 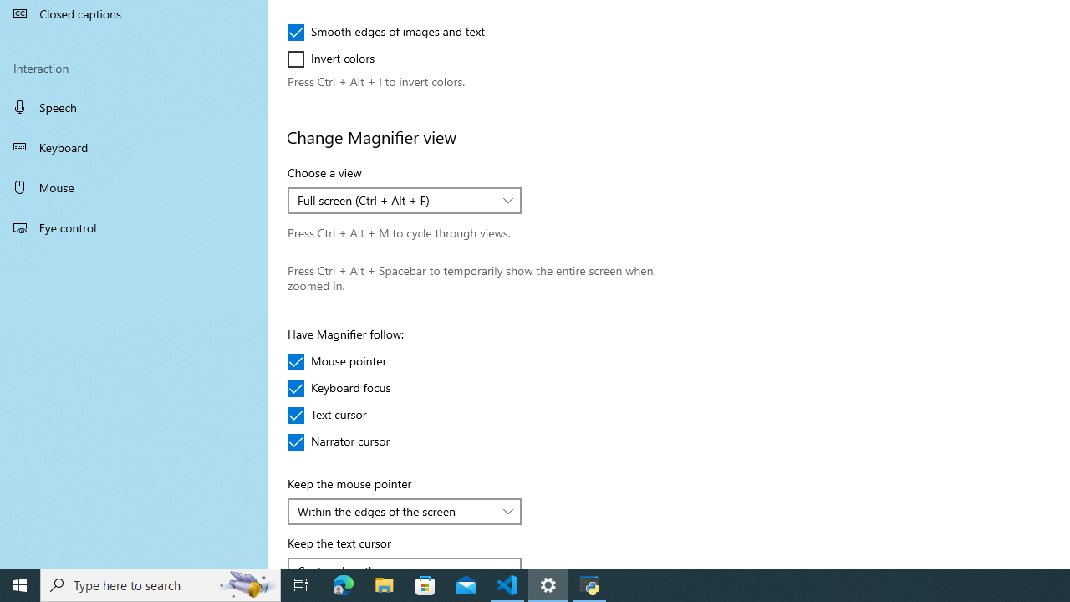 I want to click on 'Within the edges of the screen', so click(x=395, y=510).